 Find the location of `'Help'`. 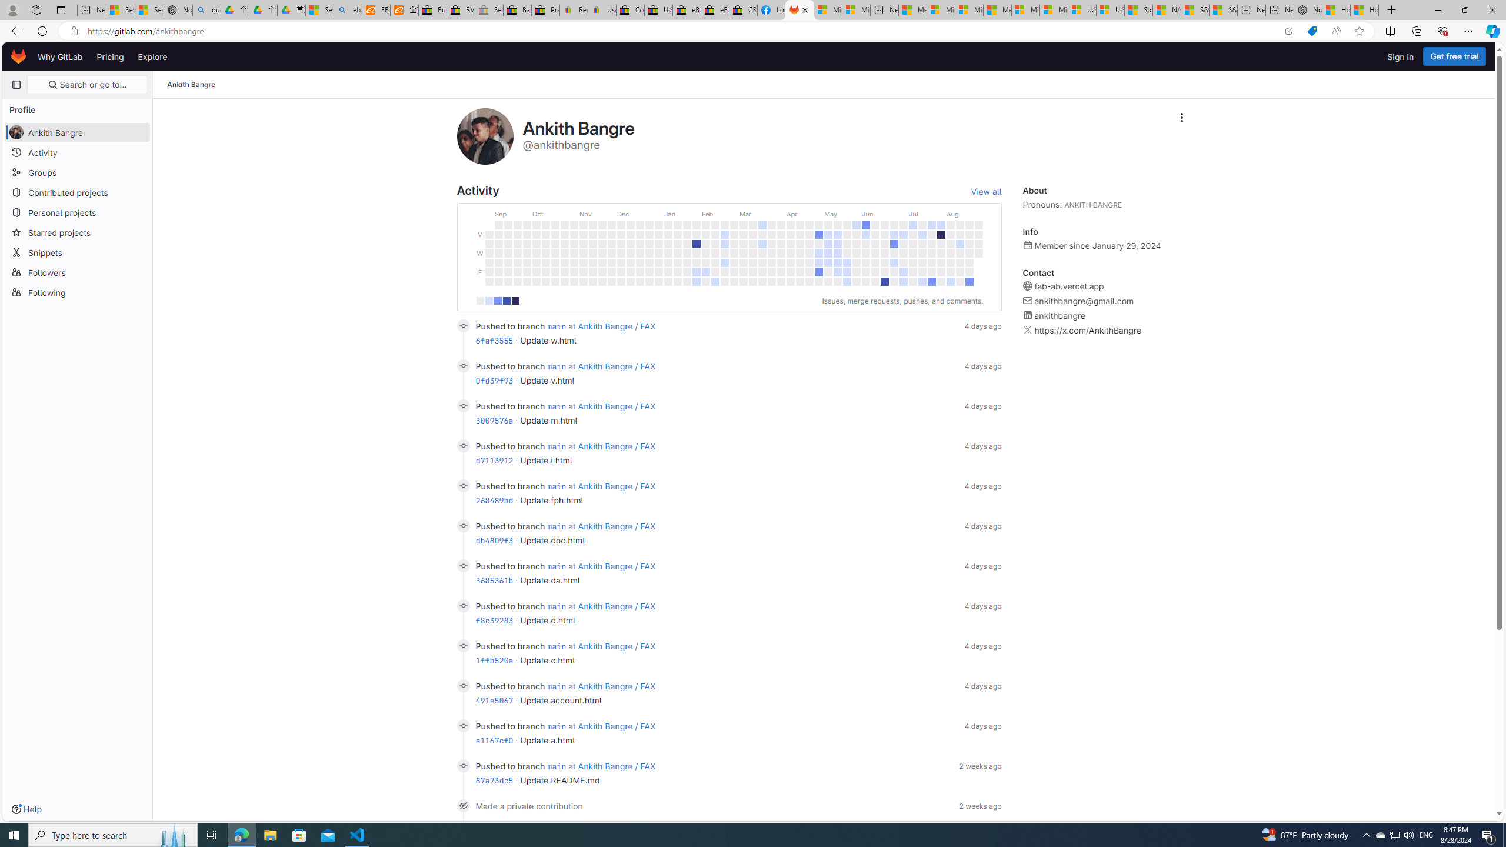

'Help' is located at coordinates (26, 808).